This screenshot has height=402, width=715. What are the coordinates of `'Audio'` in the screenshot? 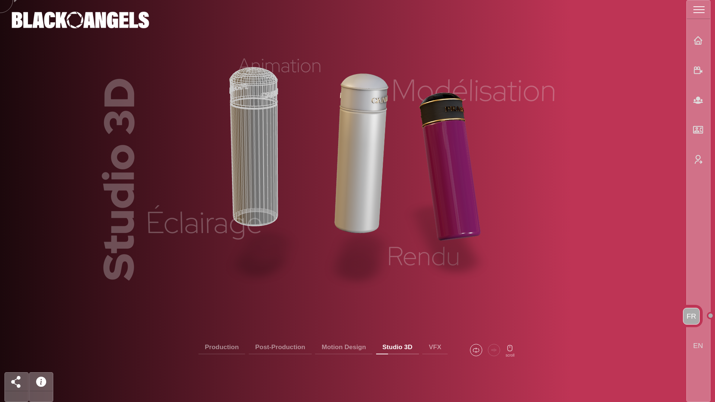 It's located at (494, 350).